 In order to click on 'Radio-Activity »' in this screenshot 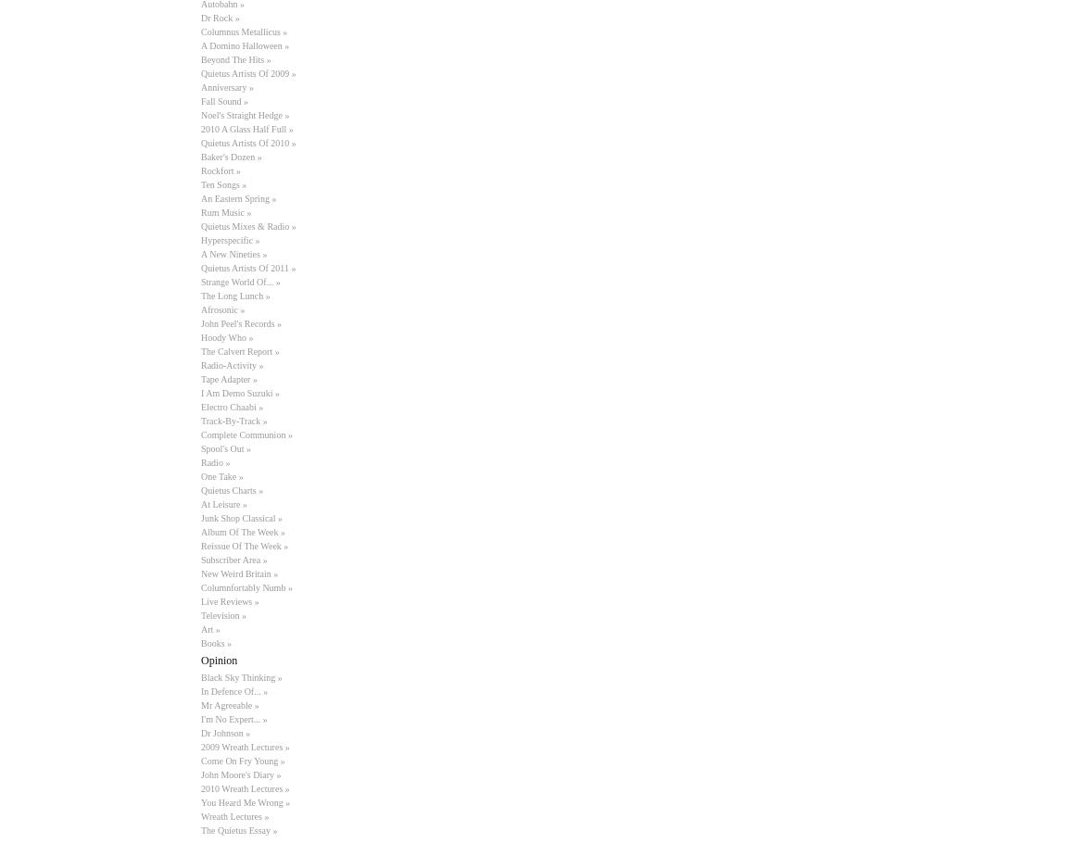, I will do `click(232, 365)`.